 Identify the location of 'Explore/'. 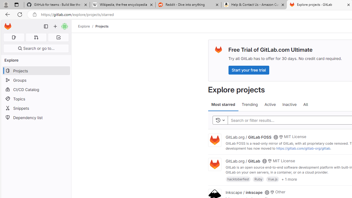
(87, 26).